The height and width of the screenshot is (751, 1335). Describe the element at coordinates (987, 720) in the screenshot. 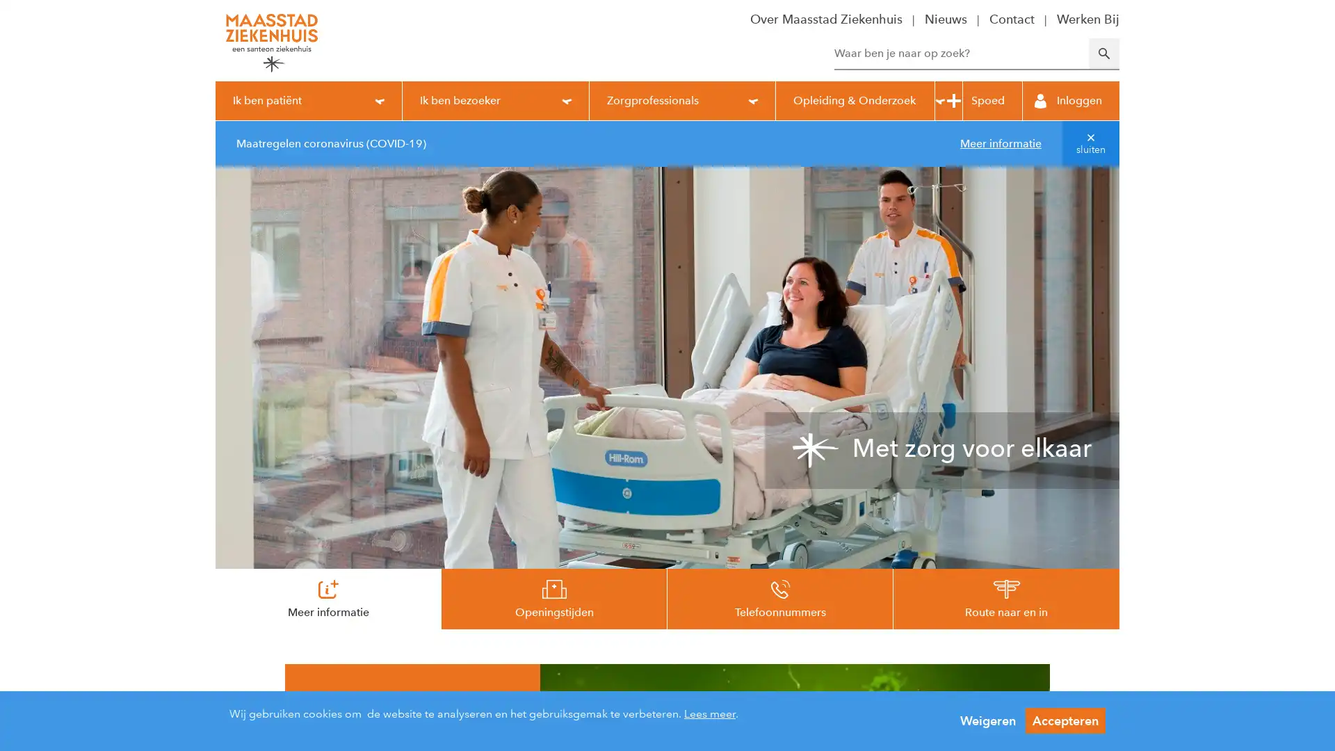

I see `Weigeren` at that location.